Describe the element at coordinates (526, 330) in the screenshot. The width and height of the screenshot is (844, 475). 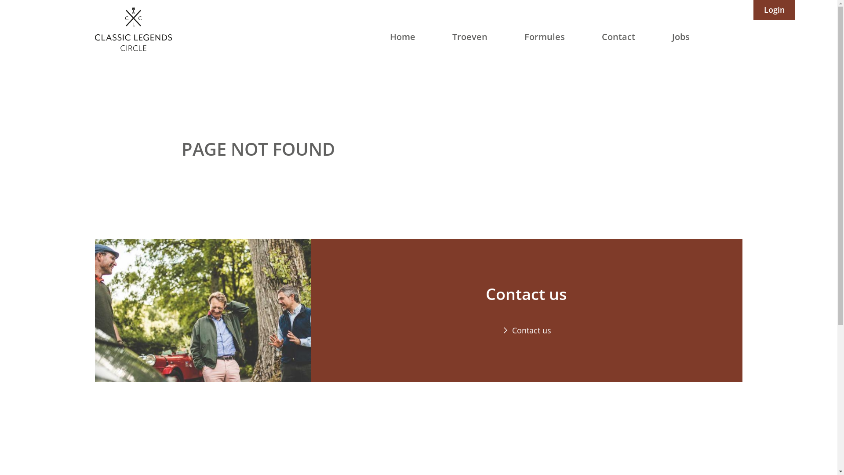
I see `'Contact us'` at that location.